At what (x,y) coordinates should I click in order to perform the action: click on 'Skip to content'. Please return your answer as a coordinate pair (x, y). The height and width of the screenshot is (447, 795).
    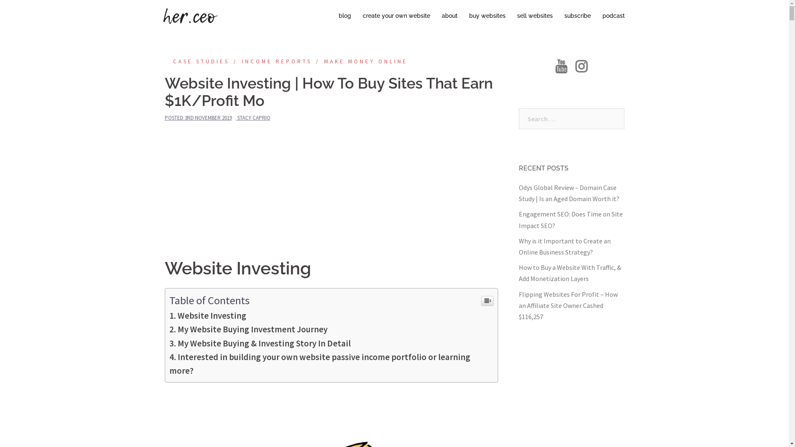
    Looking at the image, I should click on (0, 0).